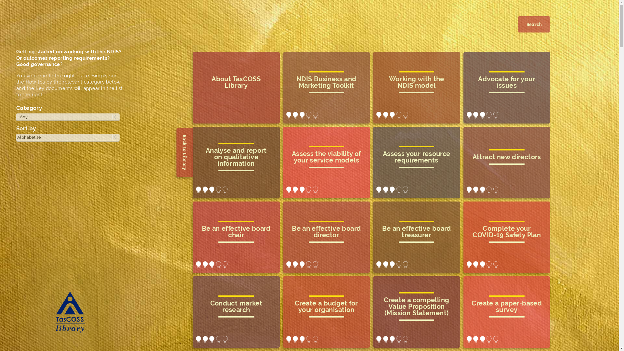 The image size is (624, 351). I want to click on 'assess the viability of your service models', so click(326, 162).